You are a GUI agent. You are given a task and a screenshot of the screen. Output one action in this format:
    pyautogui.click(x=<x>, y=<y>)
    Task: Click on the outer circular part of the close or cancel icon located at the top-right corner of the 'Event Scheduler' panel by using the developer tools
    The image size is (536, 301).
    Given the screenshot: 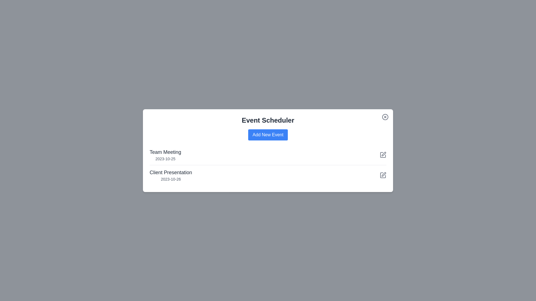 What is the action you would take?
    pyautogui.click(x=385, y=116)
    